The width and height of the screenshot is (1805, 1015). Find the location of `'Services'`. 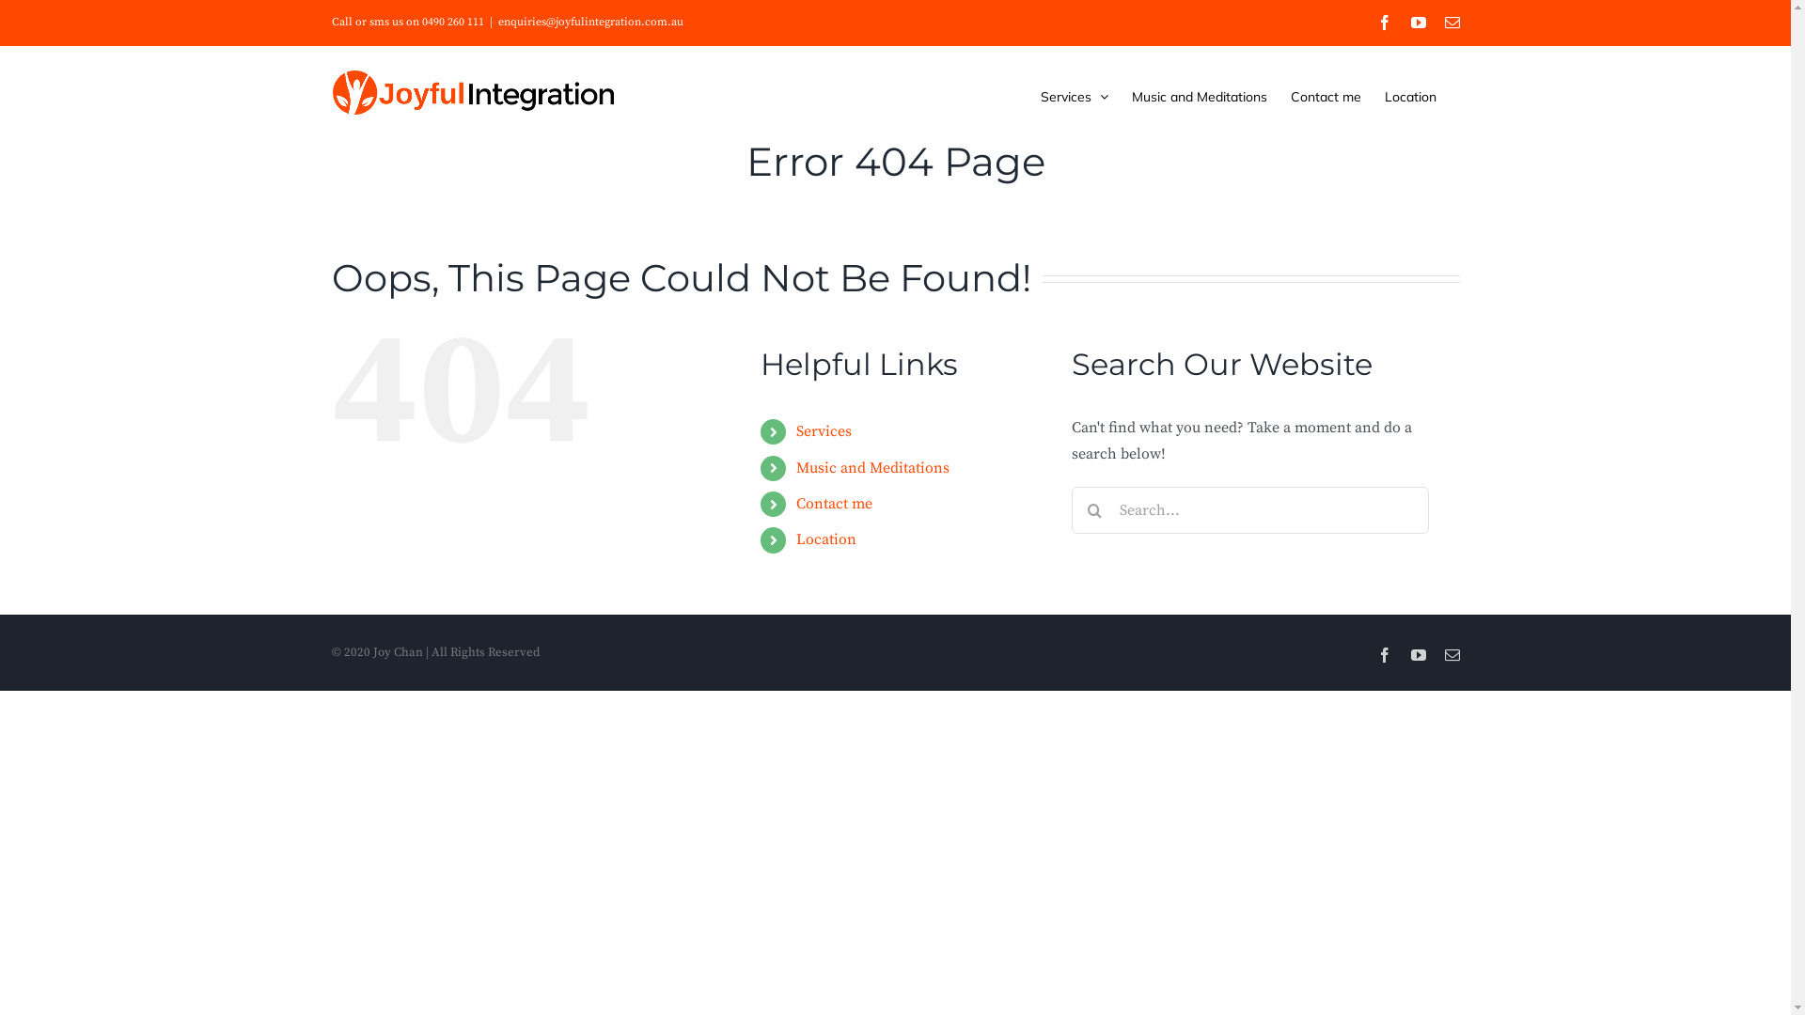

'Services' is located at coordinates (824, 431).